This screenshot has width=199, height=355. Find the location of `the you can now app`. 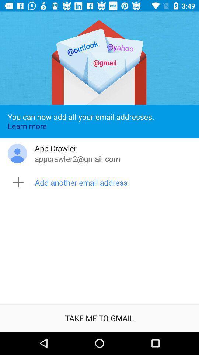

the you can now app is located at coordinates (99, 121).